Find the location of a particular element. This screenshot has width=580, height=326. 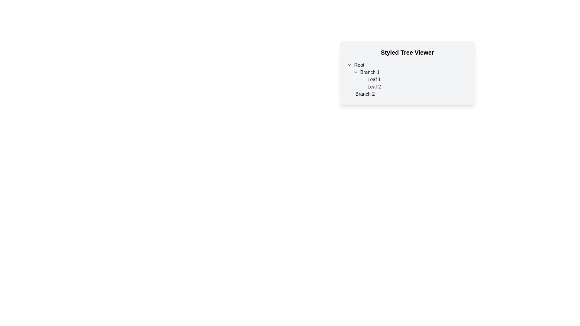

the Chevron Icon located to the left of the 'Branch 1' text label in the collapsible navigation tree is located at coordinates (355, 72).